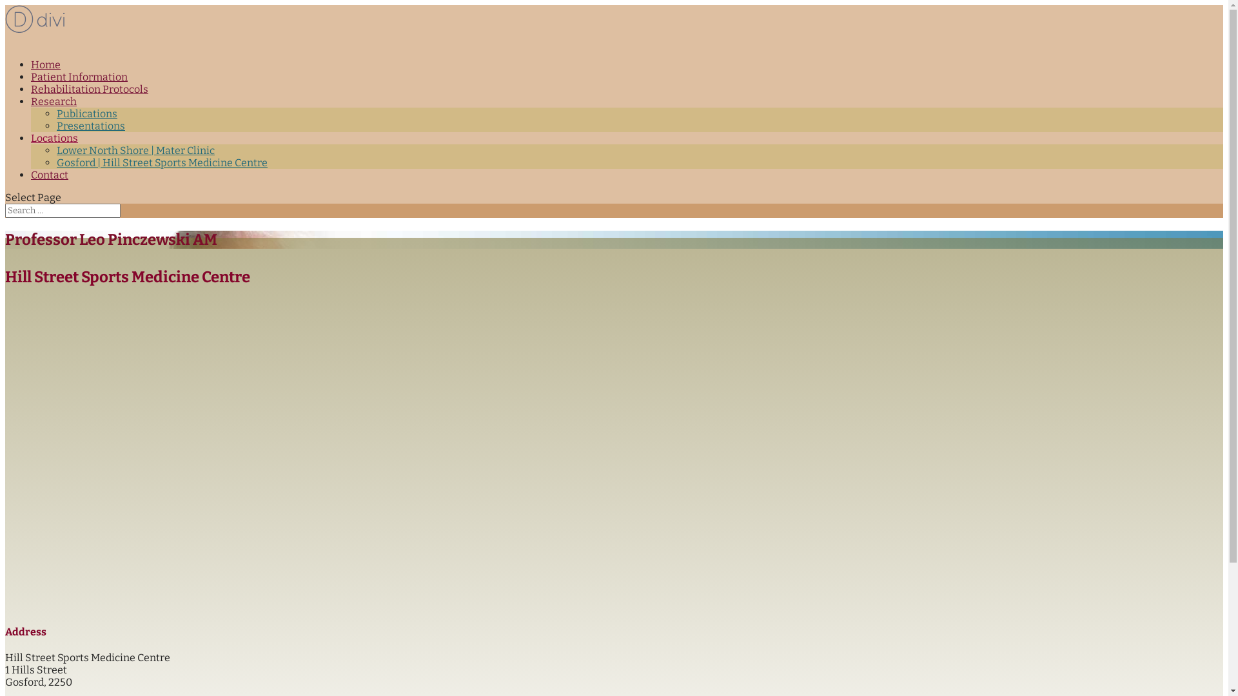 Image resolution: width=1238 pixels, height=696 pixels. What do you see at coordinates (86, 113) in the screenshot?
I see `'Publications'` at bounding box center [86, 113].